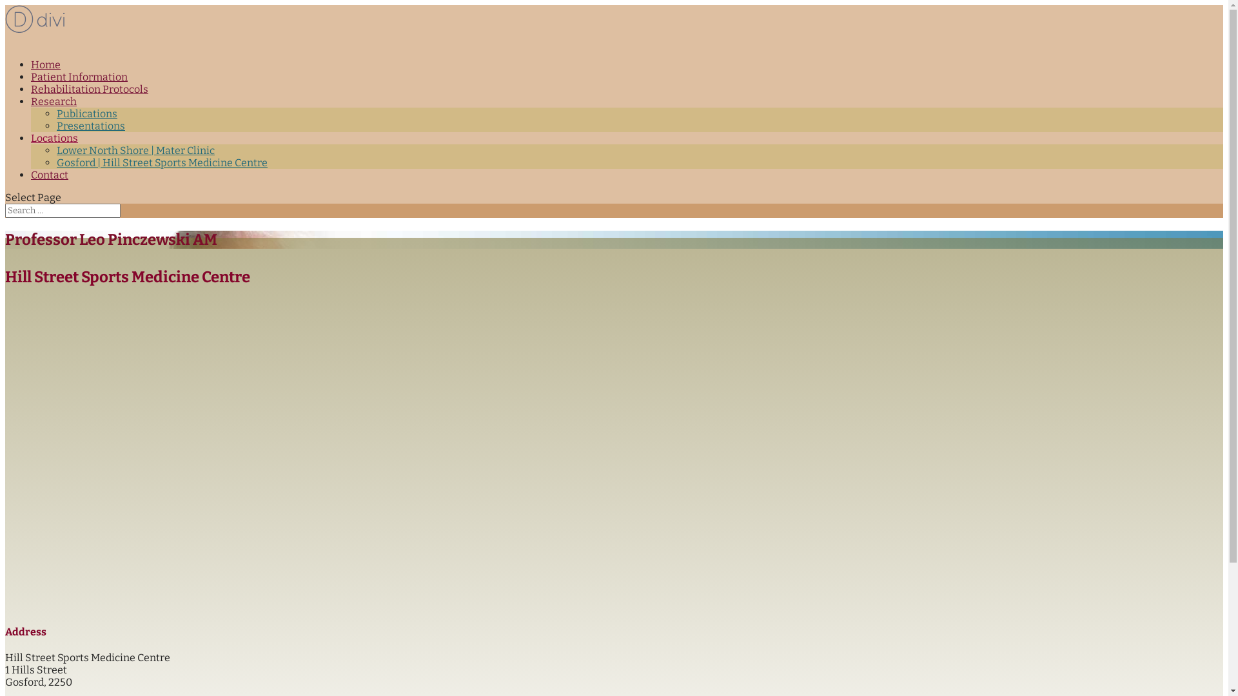 Image resolution: width=1238 pixels, height=696 pixels. What do you see at coordinates (86, 113) in the screenshot?
I see `'Publications'` at bounding box center [86, 113].